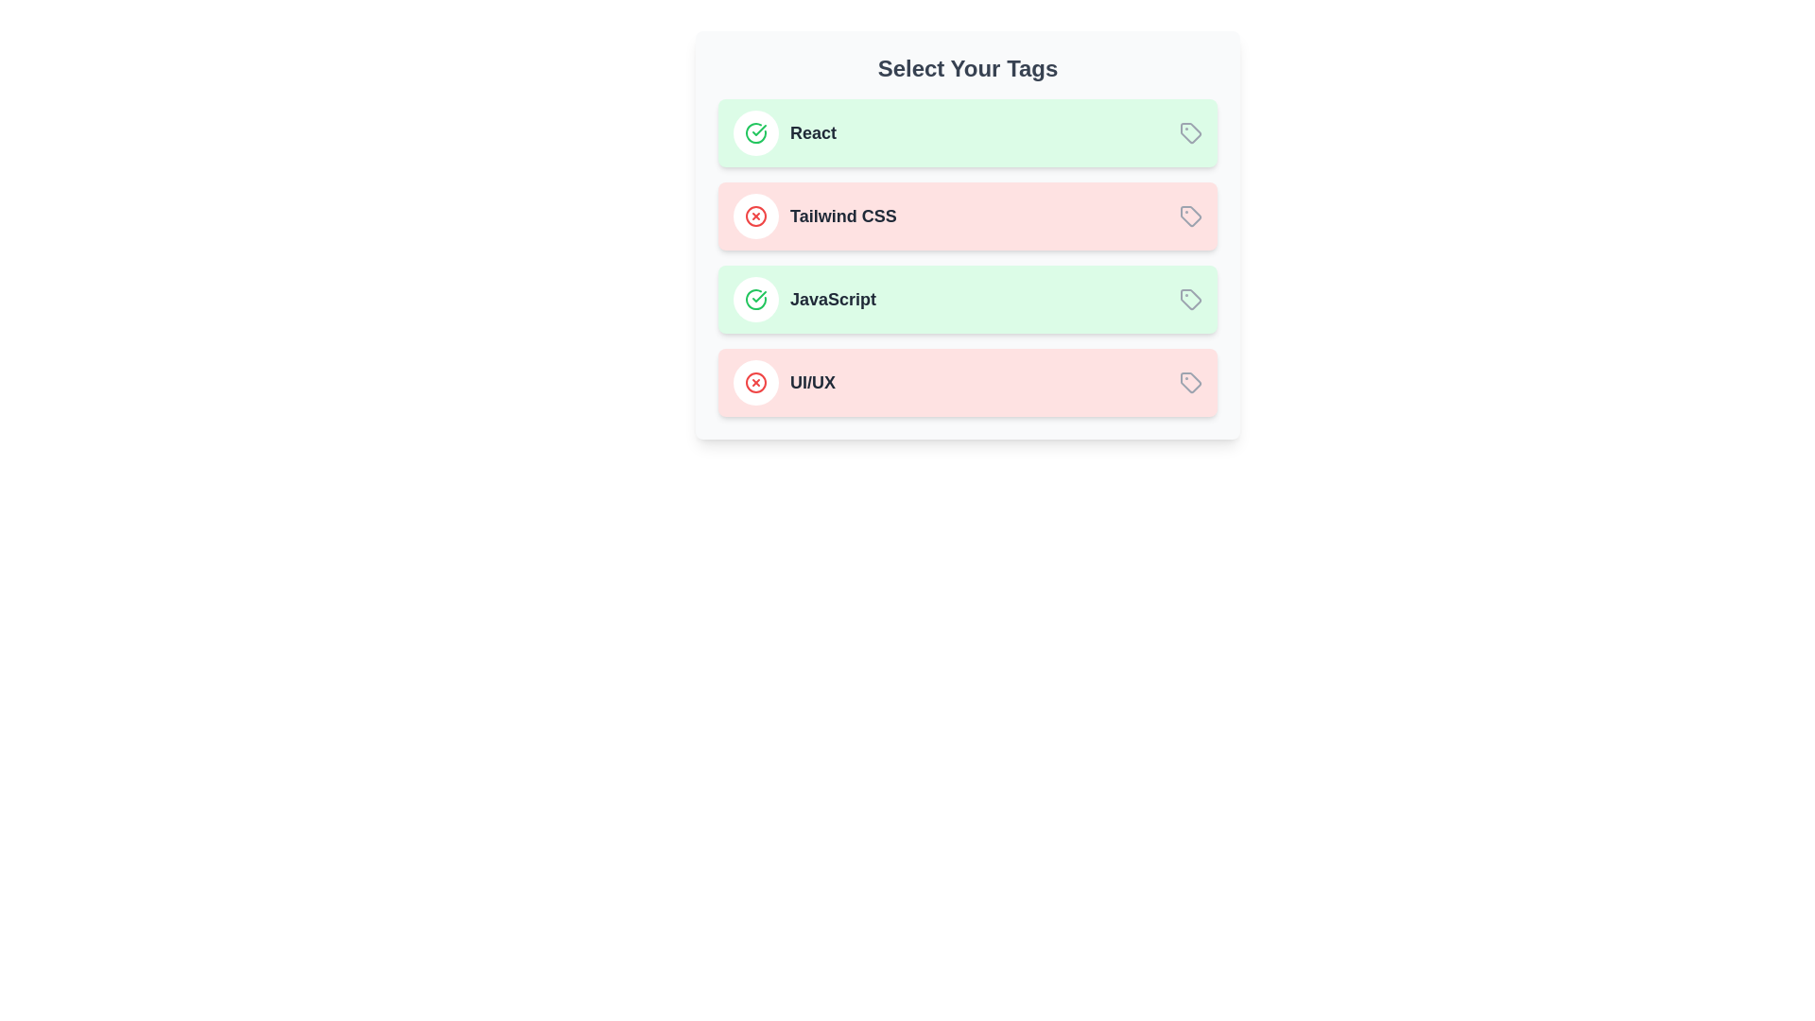  What do you see at coordinates (804, 298) in the screenshot?
I see `the 'JavaScript' tag option in the tagging interface to navigate` at bounding box center [804, 298].